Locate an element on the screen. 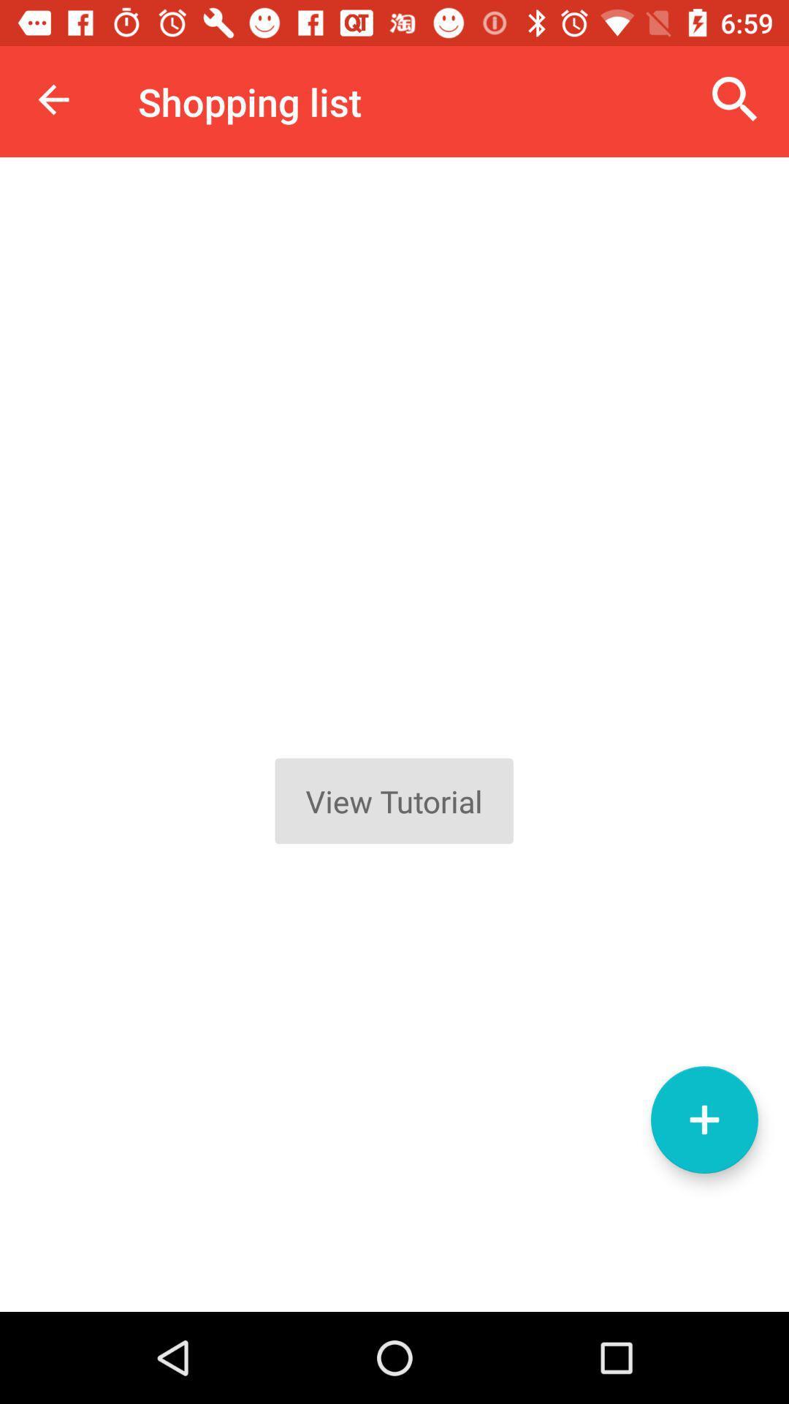  a place to add an item to a shopping list is located at coordinates (704, 1119).